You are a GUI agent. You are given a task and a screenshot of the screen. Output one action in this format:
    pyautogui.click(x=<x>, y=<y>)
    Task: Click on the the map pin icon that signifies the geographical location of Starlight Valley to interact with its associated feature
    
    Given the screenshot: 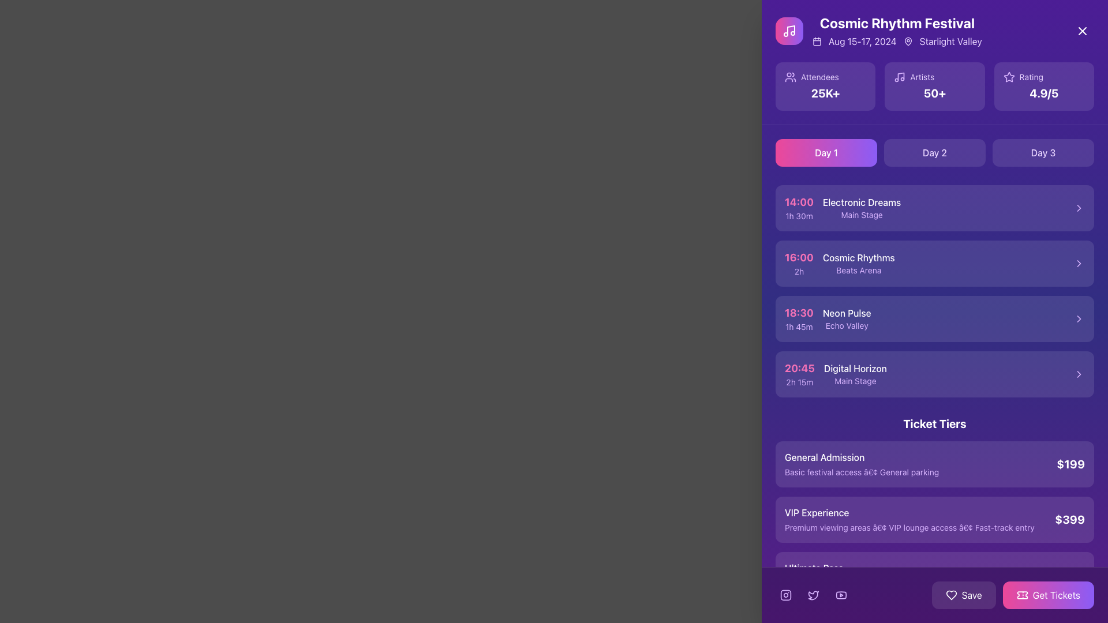 What is the action you would take?
    pyautogui.click(x=907, y=41)
    